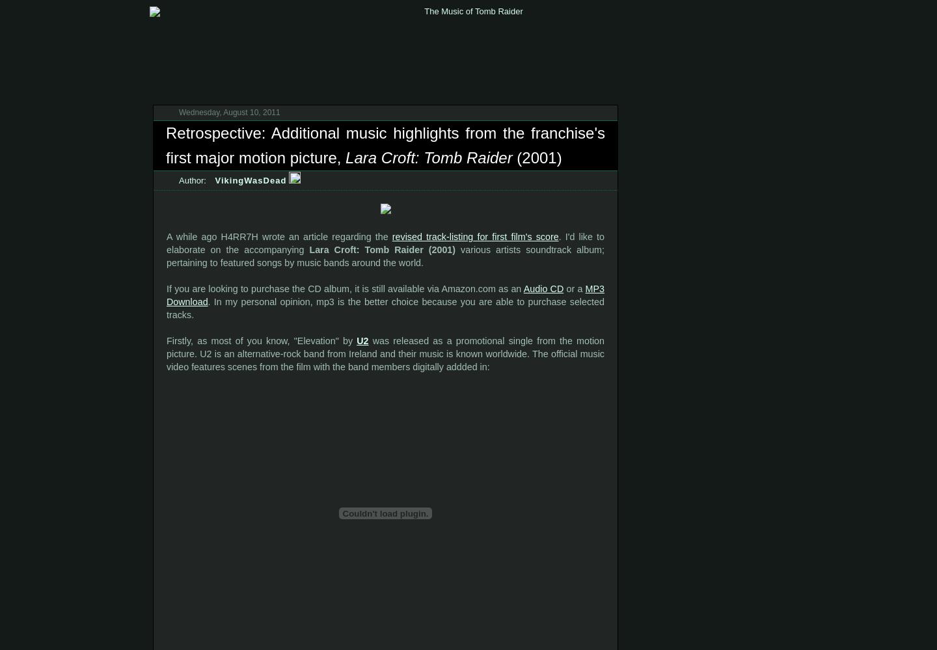 This screenshot has width=937, height=650. What do you see at coordinates (385, 295) in the screenshot?
I see `'MP3 Download'` at bounding box center [385, 295].